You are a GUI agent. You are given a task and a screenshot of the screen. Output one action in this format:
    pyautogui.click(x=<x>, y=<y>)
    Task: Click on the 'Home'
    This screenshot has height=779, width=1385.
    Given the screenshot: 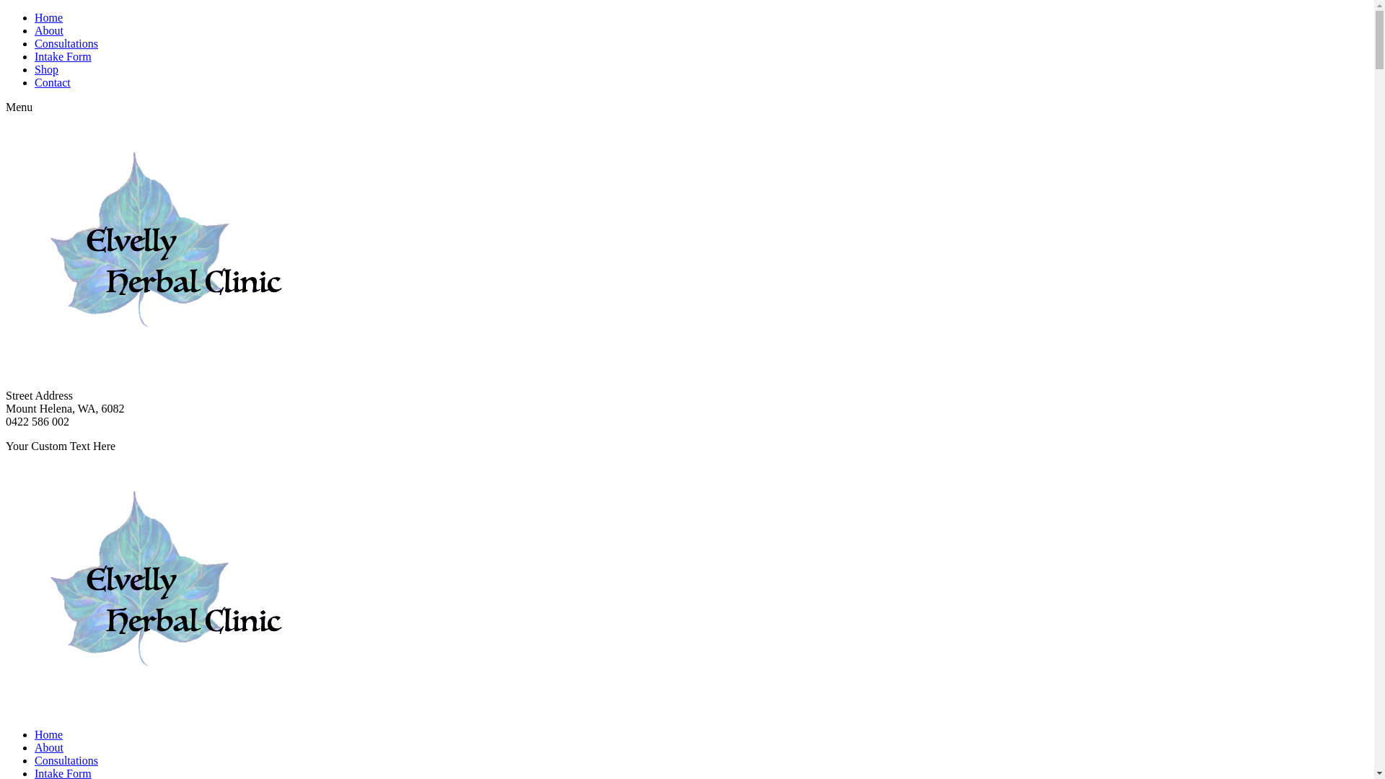 What is the action you would take?
    pyautogui.click(x=48, y=17)
    